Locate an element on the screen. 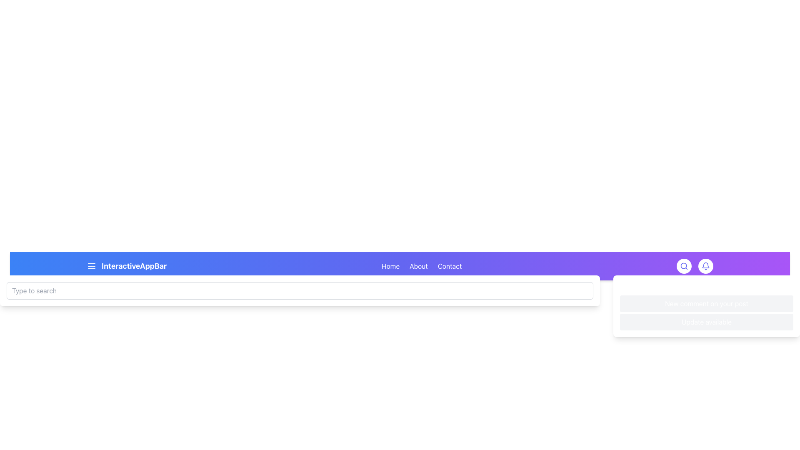 The image size is (800, 450). the centrally located search input field to focus on it for typing queries or keywords is located at coordinates (300, 290).